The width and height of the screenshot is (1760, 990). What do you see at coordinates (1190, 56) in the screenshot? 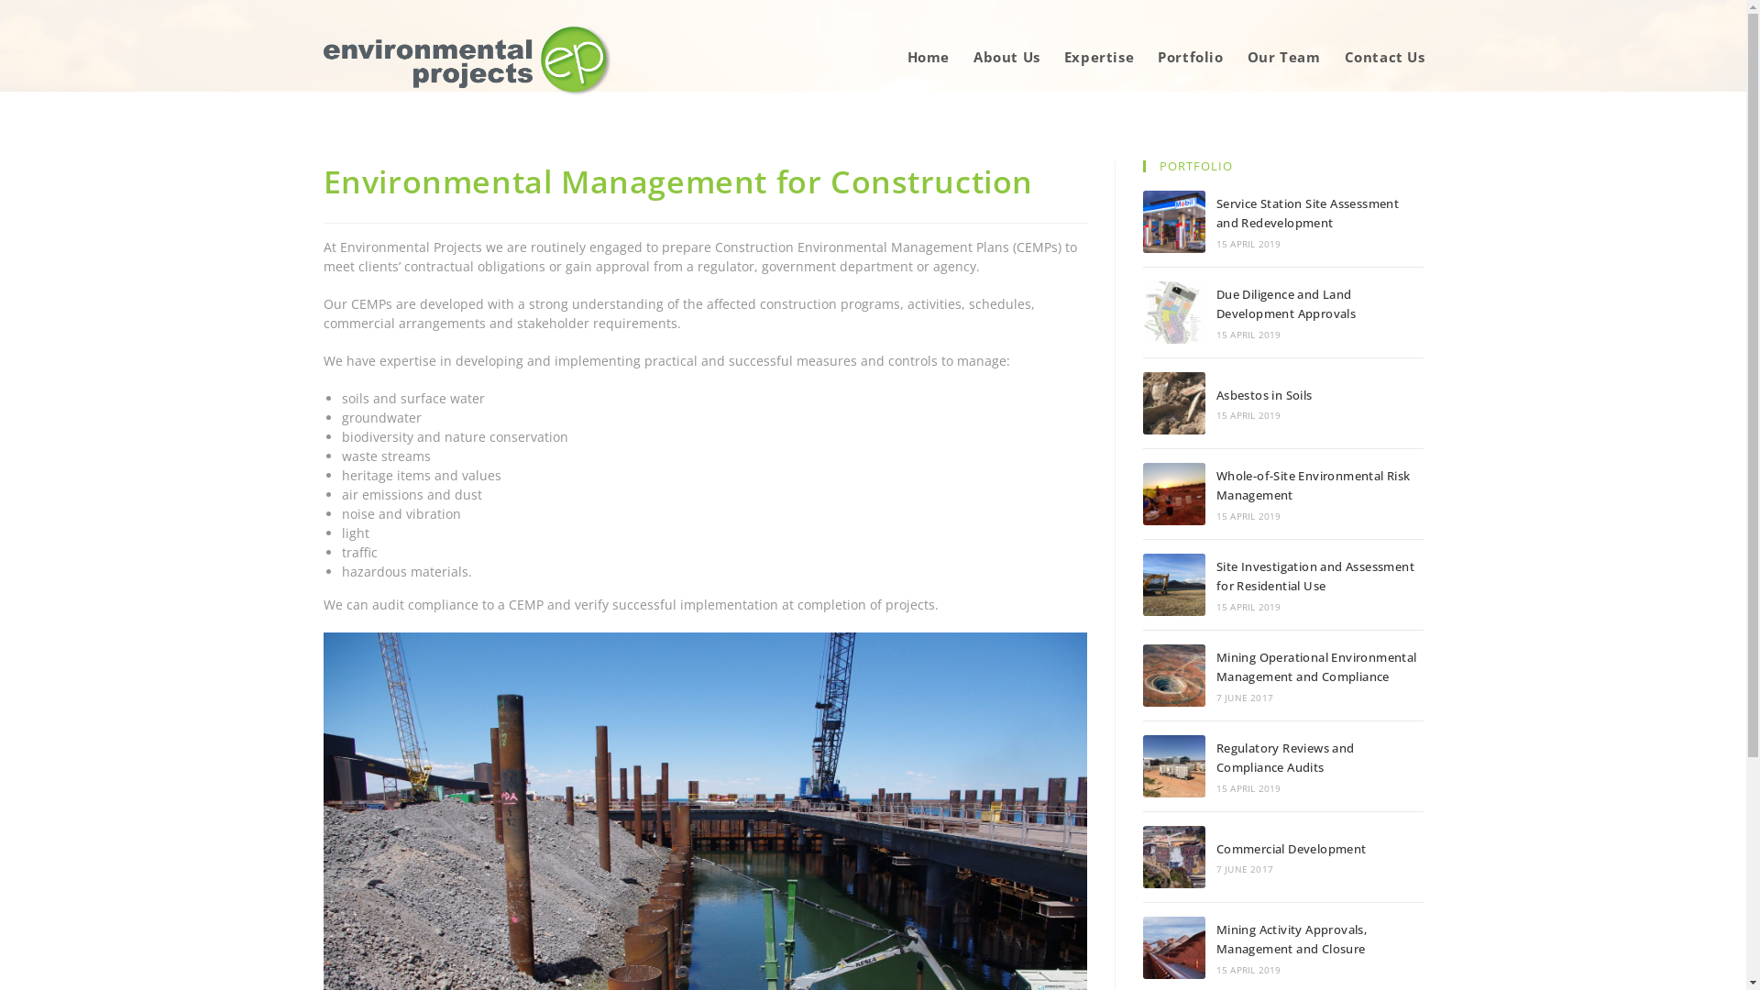
I see `'Portfolio'` at bounding box center [1190, 56].